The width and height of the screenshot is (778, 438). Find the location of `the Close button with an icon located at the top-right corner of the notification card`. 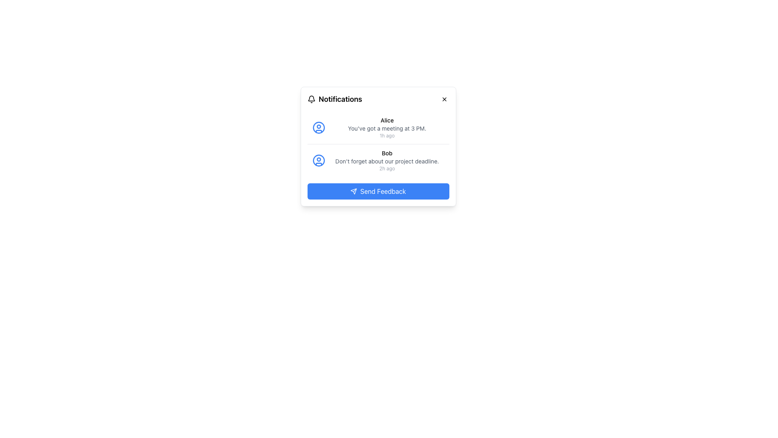

the Close button with an icon located at the top-right corner of the notification card is located at coordinates (444, 99).